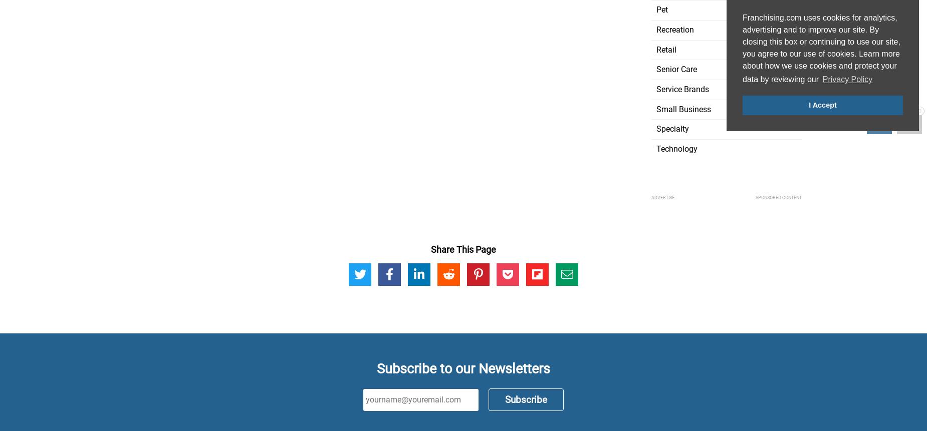 This screenshot has width=927, height=431. What do you see at coordinates (463, 367) in the screenshot?
I see `'Subscribe to our Newsletters'` at bounding box center [463, 367].